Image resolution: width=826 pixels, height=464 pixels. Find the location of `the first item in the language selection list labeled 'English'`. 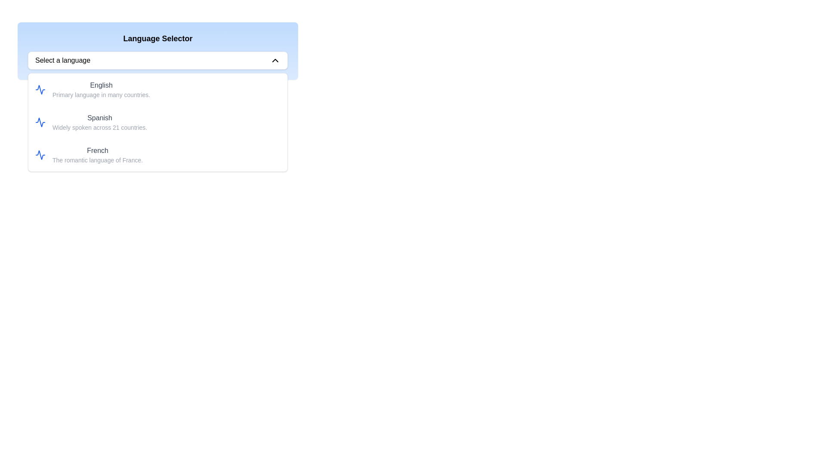

the first item in the language selection list labeled 'English' is located at coordinates (101, 89).